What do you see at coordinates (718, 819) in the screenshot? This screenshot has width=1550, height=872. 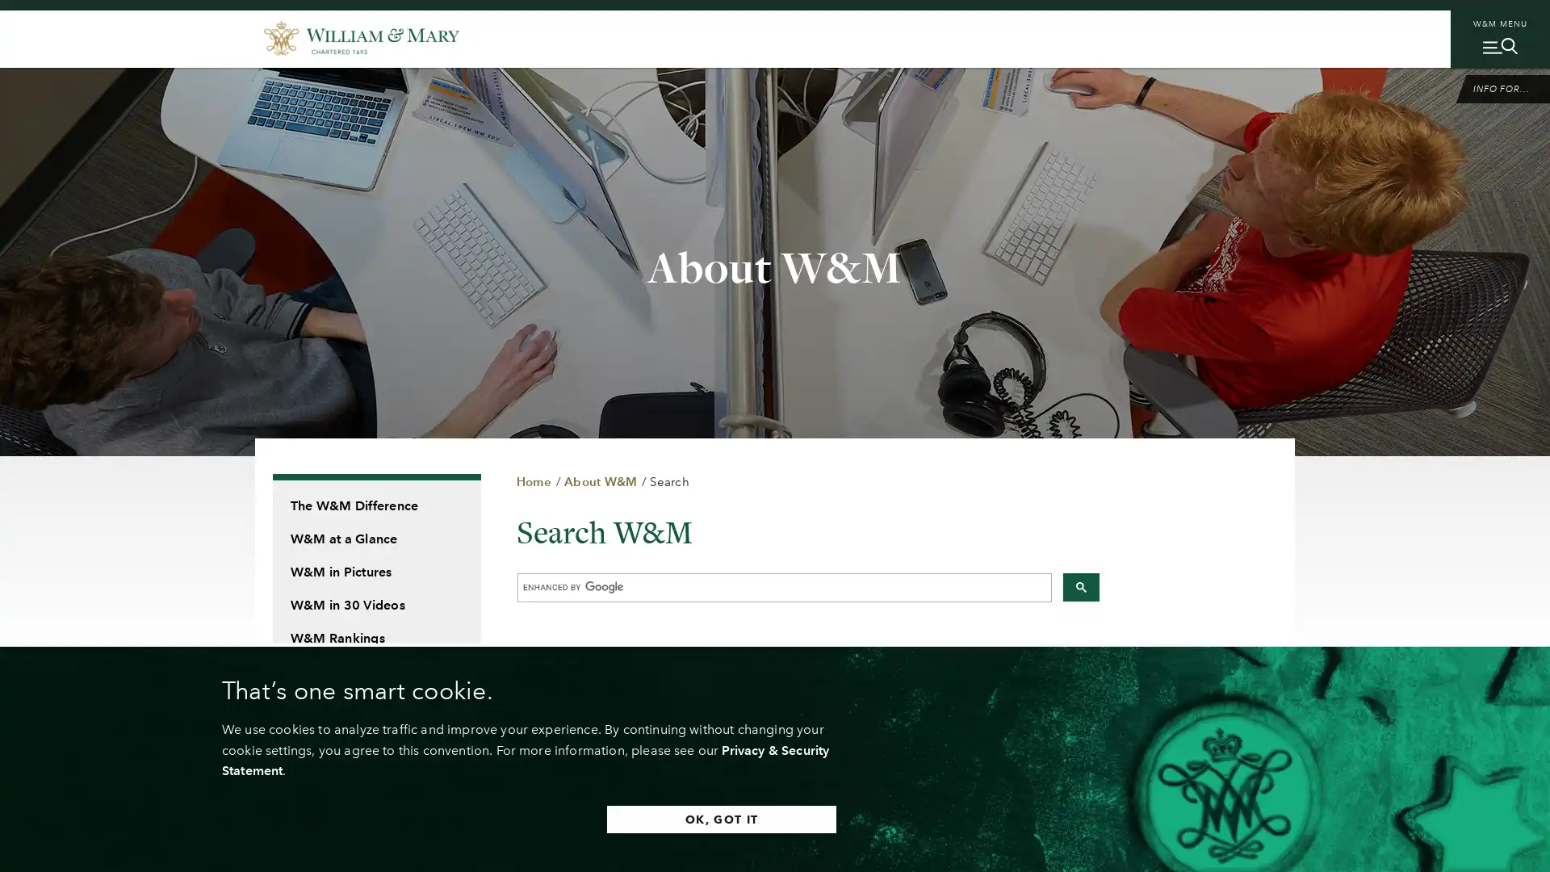 I see `OK, GOT IT` at bounding box center [718, 819].